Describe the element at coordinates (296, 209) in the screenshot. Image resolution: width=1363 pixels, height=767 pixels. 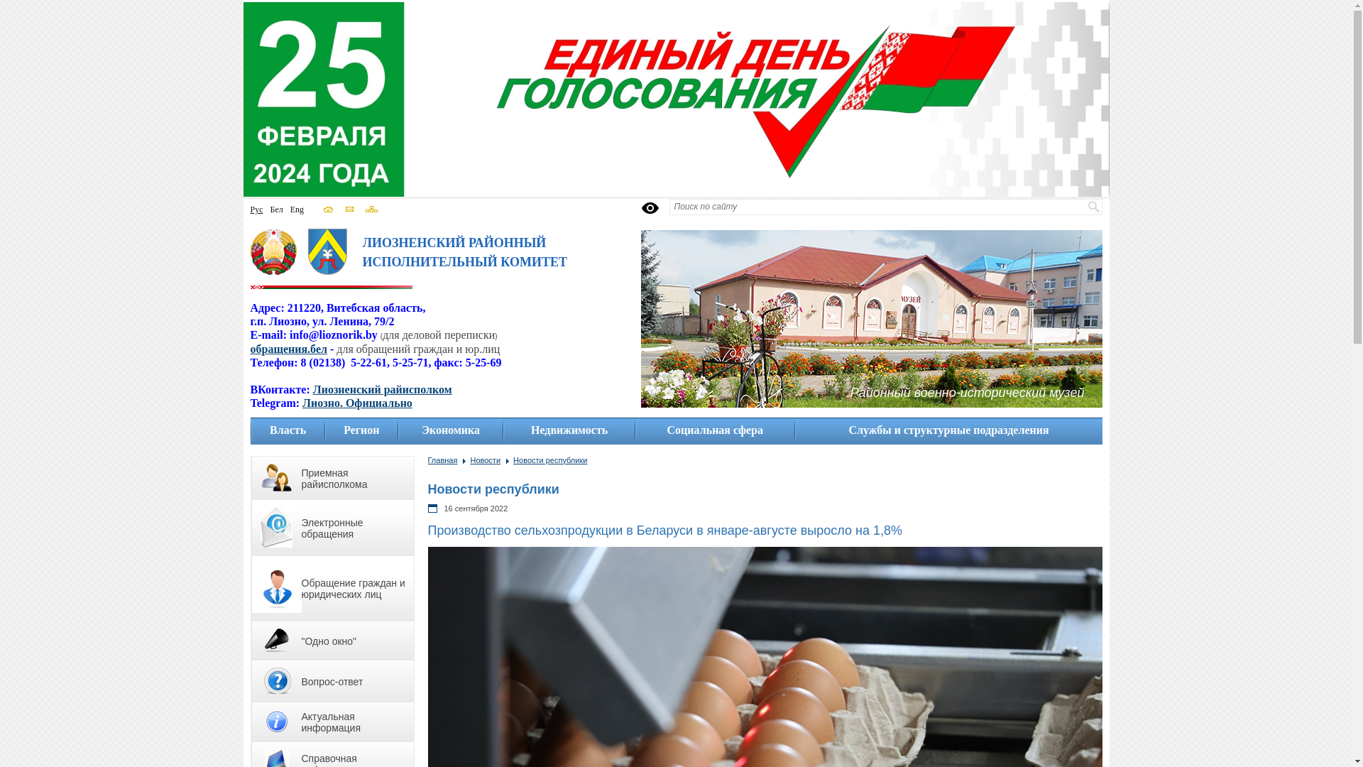
I see `'Eng'` at that location.